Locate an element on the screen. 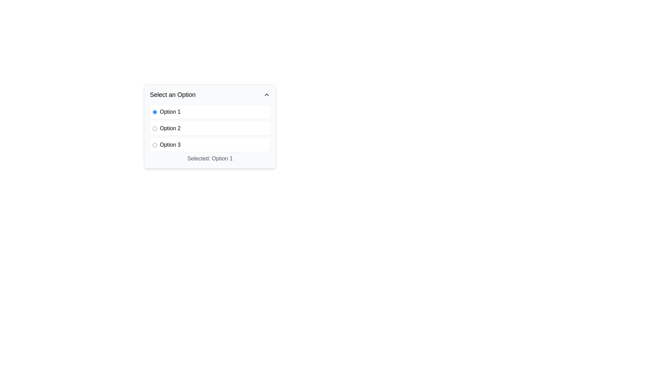 Image resolution: width=660 pixels, height=371 pixels. the radio button labeled 'Option 2' is located at coordinates (209, 128).